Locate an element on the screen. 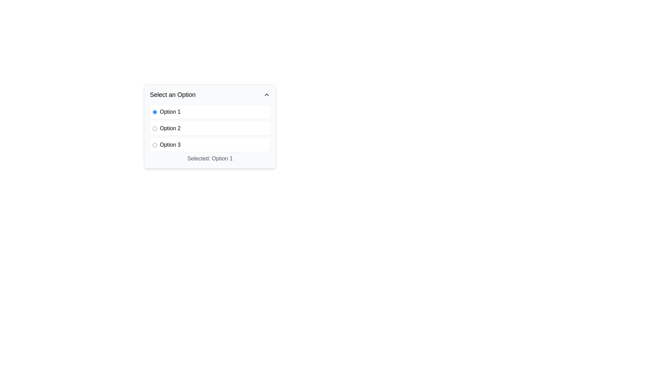 Image resolution: width=660 pixels, height=371 pixels. the radio button labeled 'Option 2' is located at coordinates (209, 128).